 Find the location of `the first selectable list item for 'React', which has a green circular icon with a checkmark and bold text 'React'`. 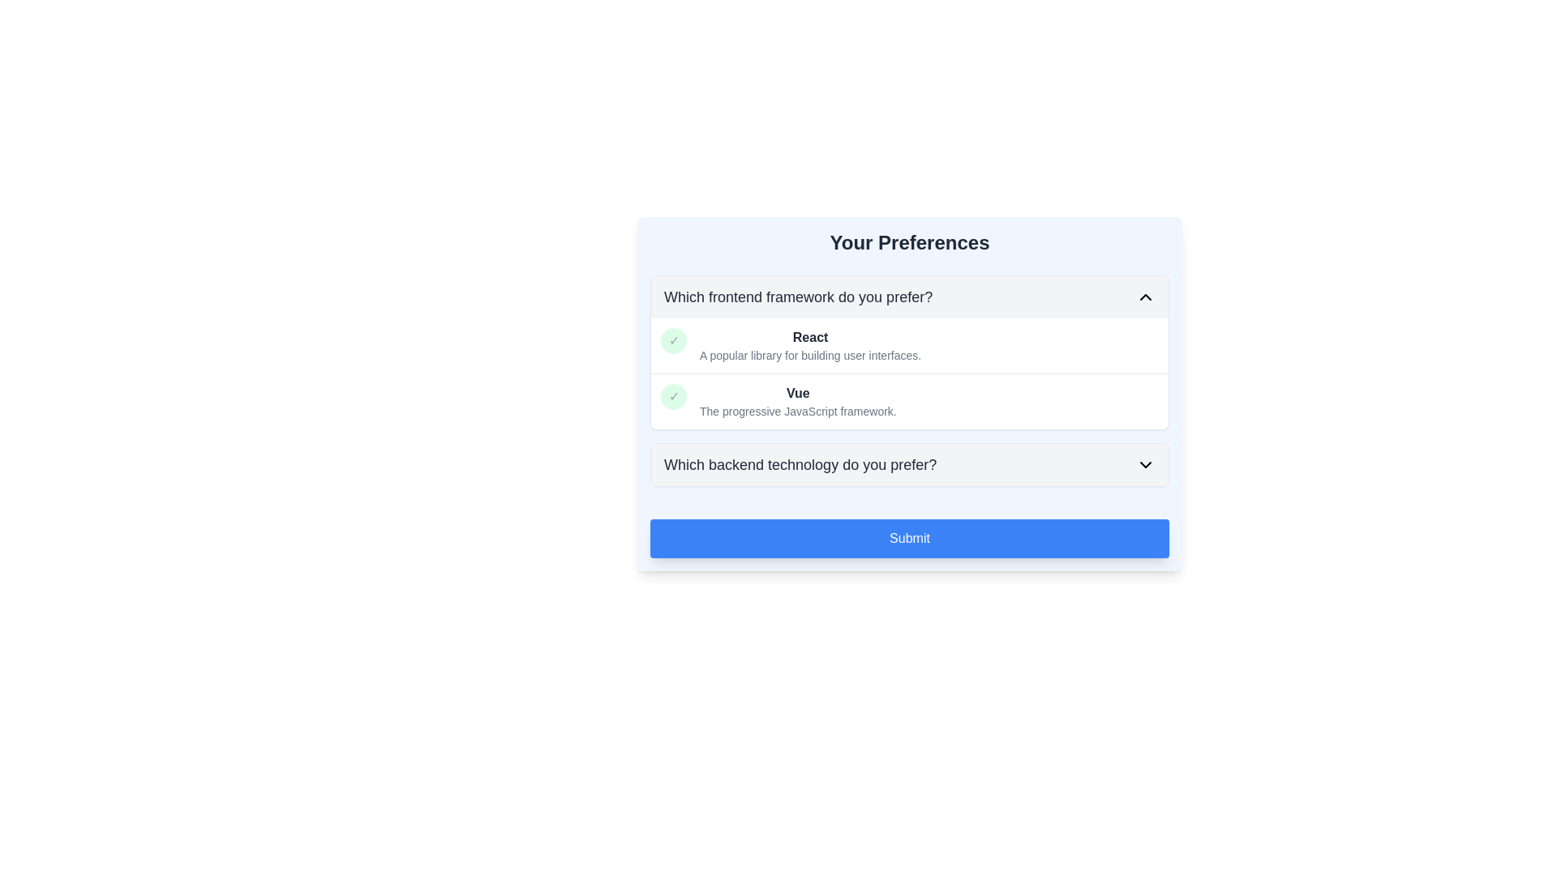

the first selectable list item for 'React', which has a green circular icon with a checkmark and bold text 'React' is located at coordinates (910, 345).